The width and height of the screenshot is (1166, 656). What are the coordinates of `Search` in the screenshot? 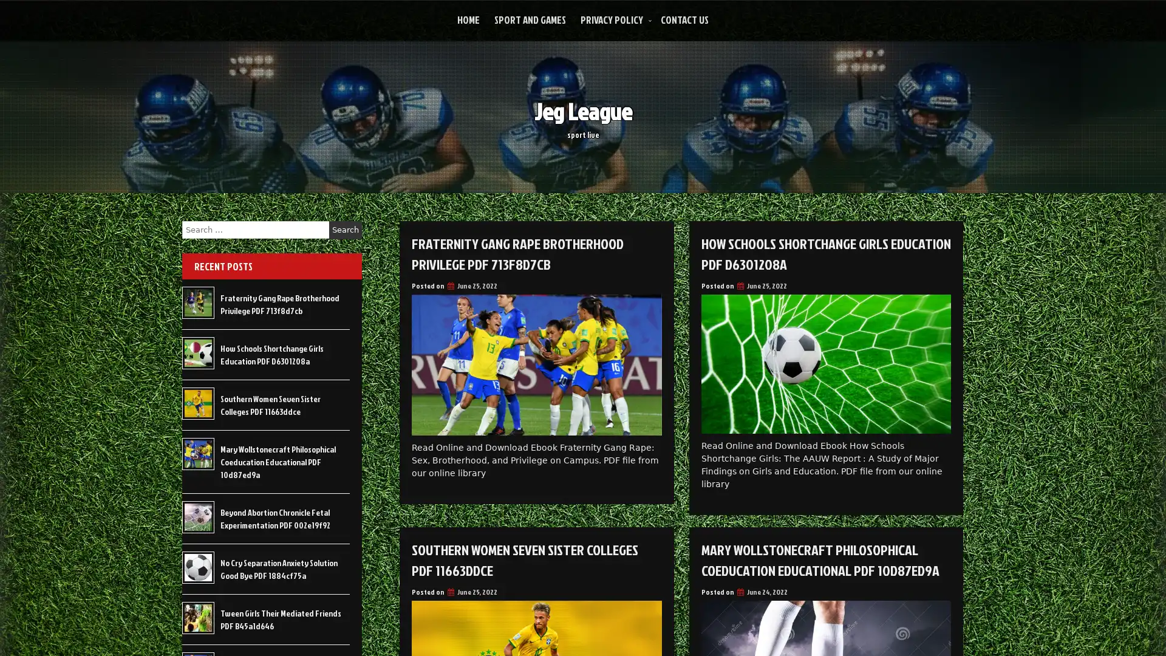 It's located at (345, 230).